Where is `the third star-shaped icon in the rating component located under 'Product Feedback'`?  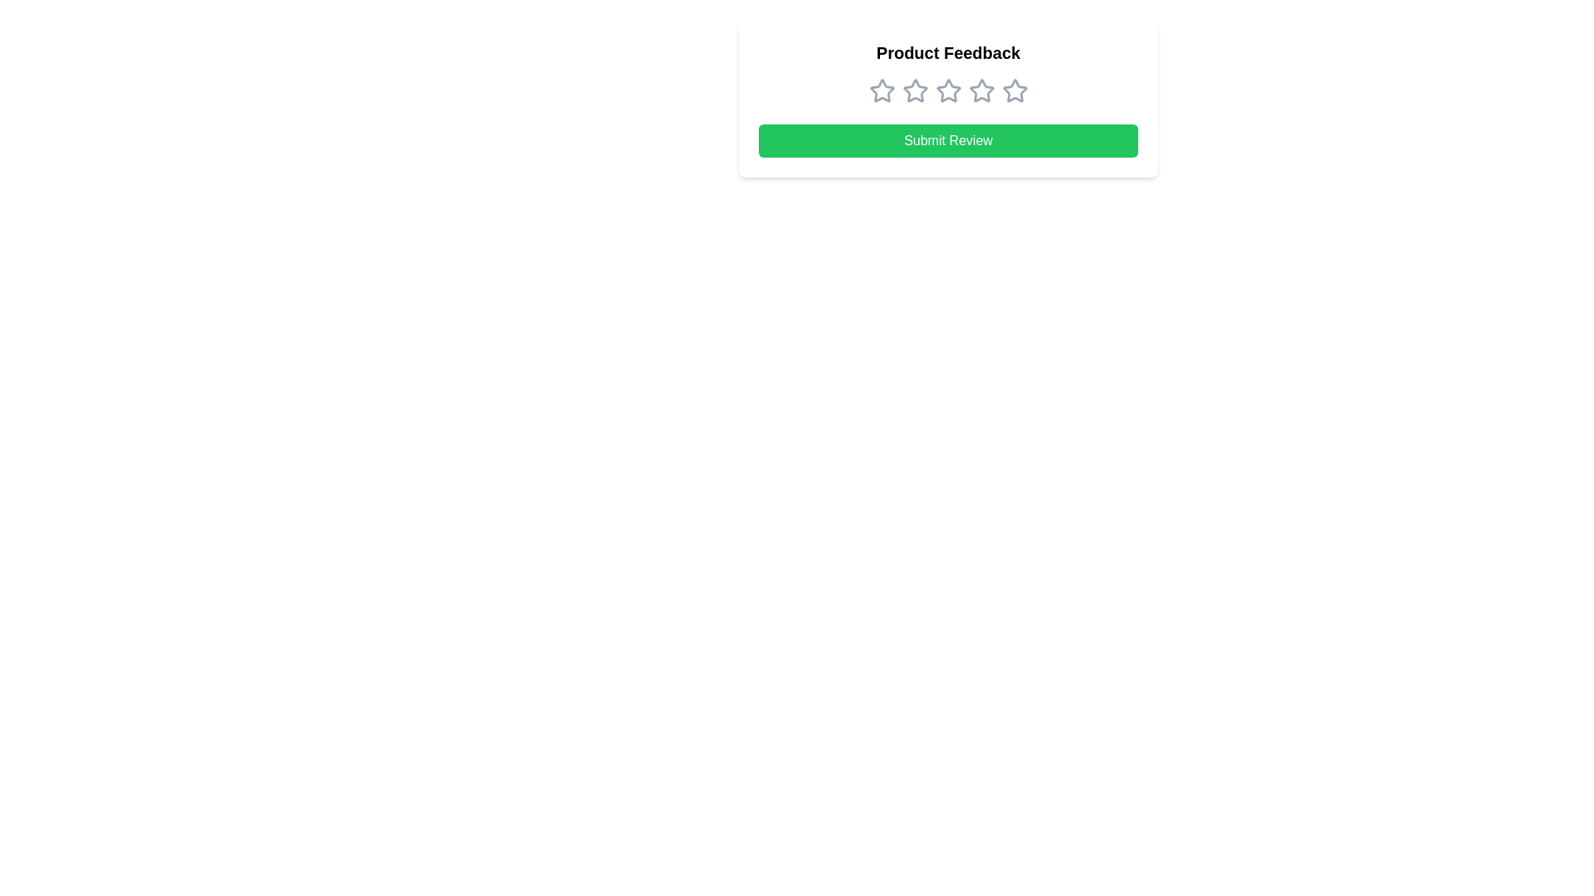 the third star-shaped icon in the rating component located under 'Product Feedback' is located at coordinates (981, 90).